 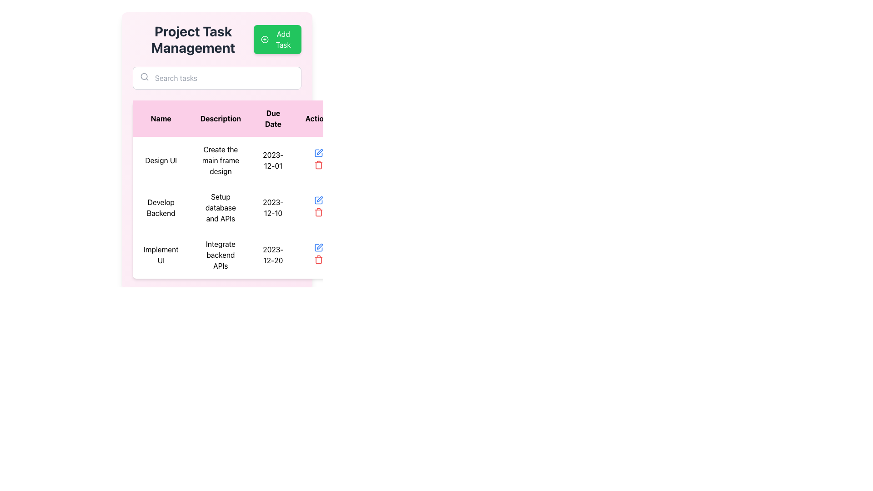 I want to click on the non-interactive text label displaying the due date for the task 'Develop Backend' located in the second row of the 'Due Date' column in the table, so click(x=272, y=207).